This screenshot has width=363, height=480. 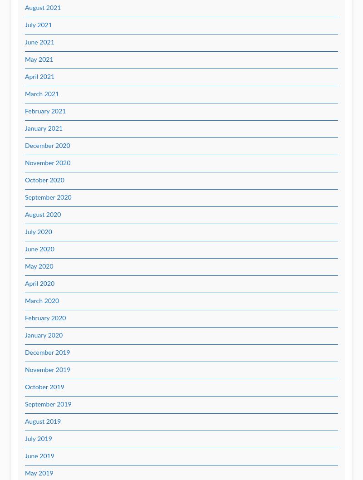 I want to click on 'December 2019', so click(x=47, y=353).